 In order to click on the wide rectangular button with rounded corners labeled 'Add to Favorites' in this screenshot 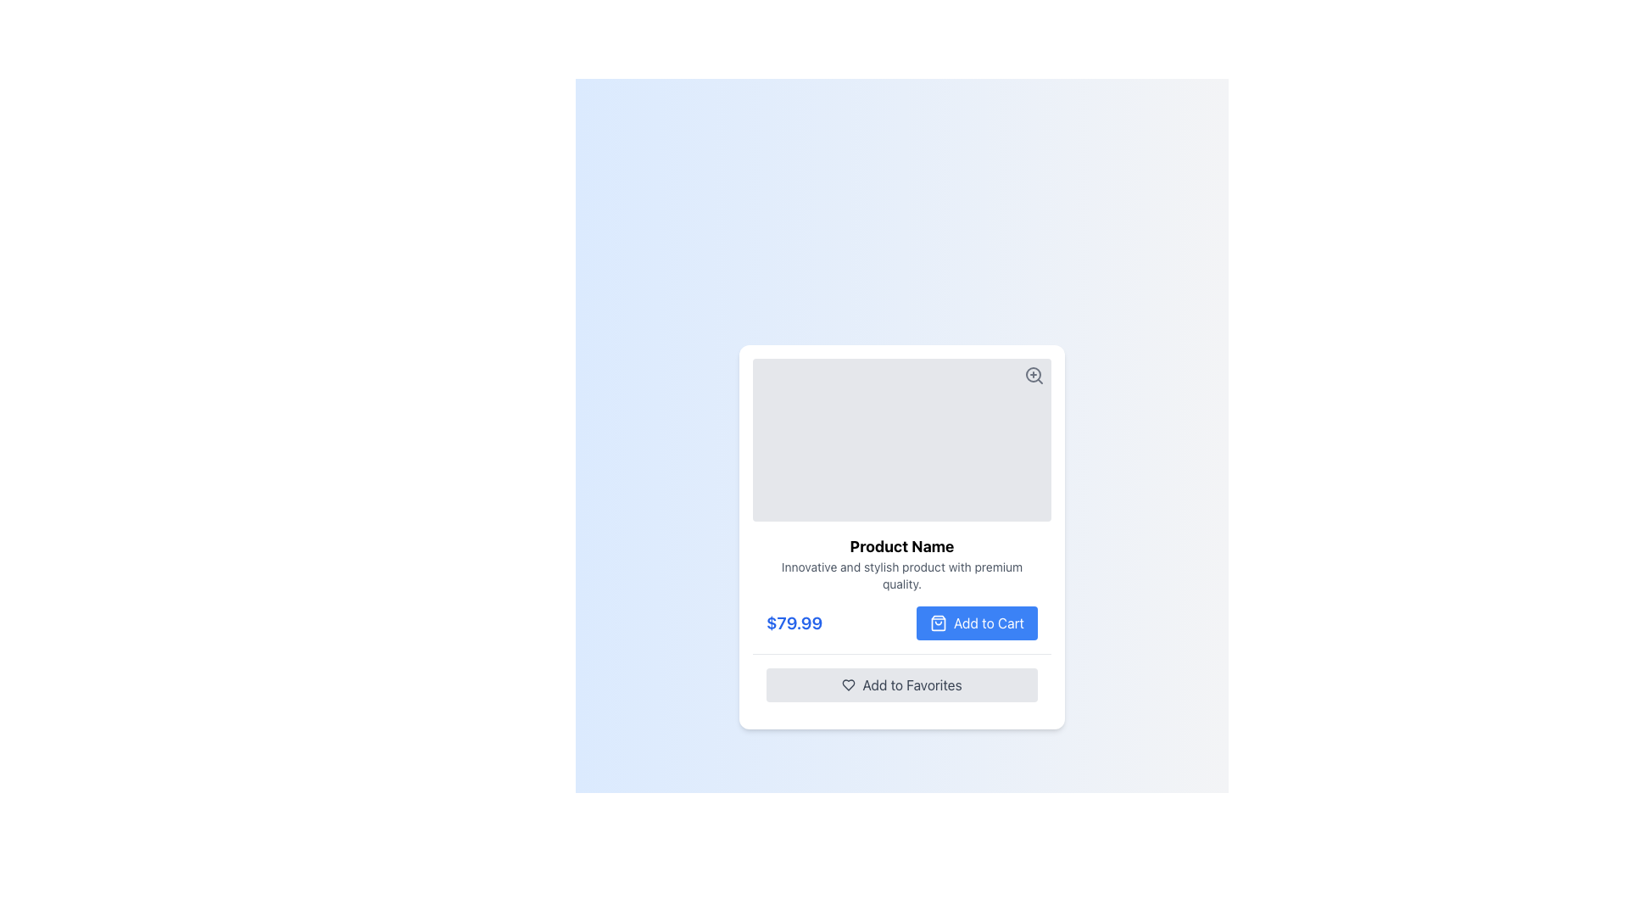, I will do `click(901, 684)`.